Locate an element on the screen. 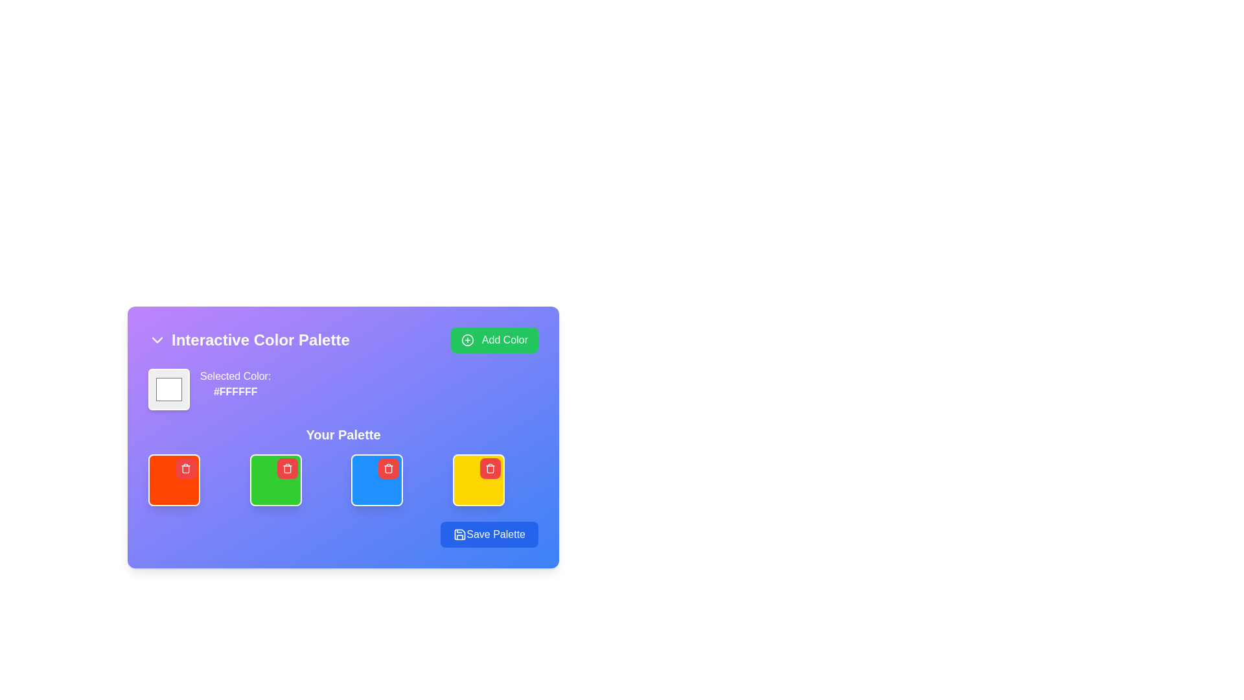  the color palette tile is located at coordinates (376, 480).